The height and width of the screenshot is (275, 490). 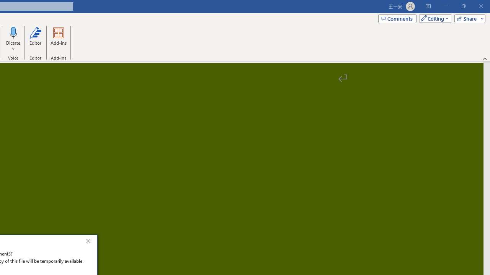 What do you see at coordinates (397, 18) in the screenshot?
I see `'Comments'` at bounding box center [397, 18].